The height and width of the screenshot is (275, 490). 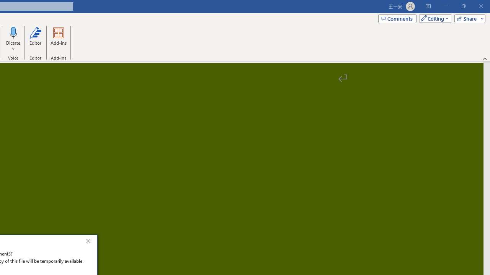 What do you see at coordinates (397, 18) in the screenshot?
I see `'Comments'` at bounding box center [397, 18].